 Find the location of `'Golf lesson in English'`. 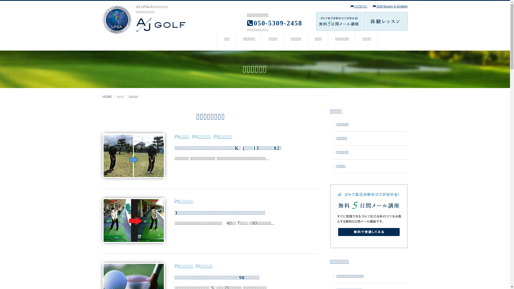

'Golf lesson in English' is located at coordinates (390, 6).